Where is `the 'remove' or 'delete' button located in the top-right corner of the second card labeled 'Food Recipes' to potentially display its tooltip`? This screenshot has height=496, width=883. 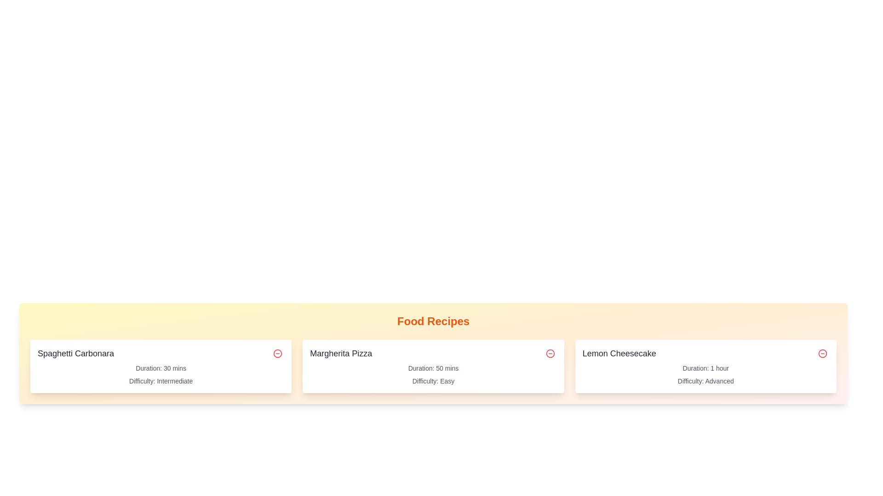 the 'remove' or 'delete' button located in the top-right corner of the second card labeled 'Food Recipes' to potentially display its tooltip is located at coordinates (550, 353).